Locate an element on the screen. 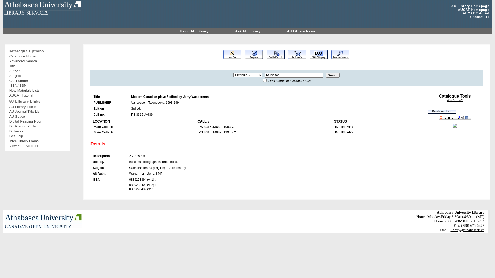  'Athabasca University Homepage' is located at coordinates (43, 221).